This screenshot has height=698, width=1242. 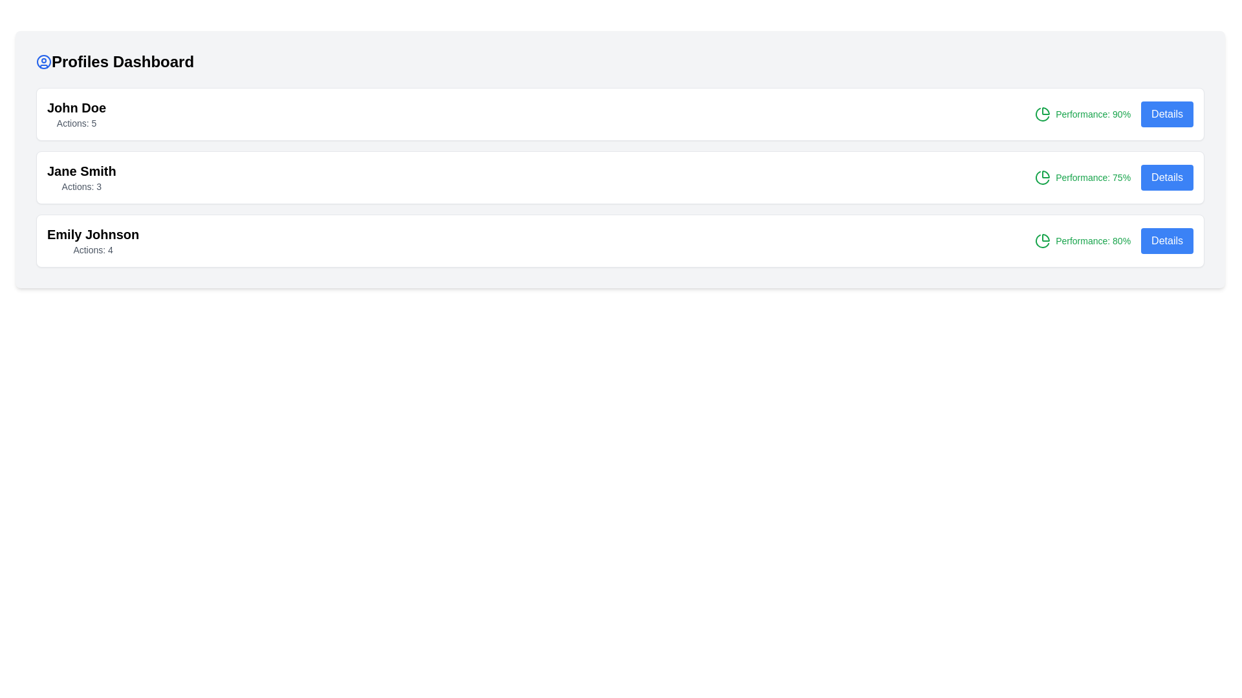 What do you see at coordinates (81, 177) in the screenshot?
I see `the text label displaying 'Jane Smith' which shows the name and action count in the second row of the Profiles Dashboard` at bounding box center [81, 177].